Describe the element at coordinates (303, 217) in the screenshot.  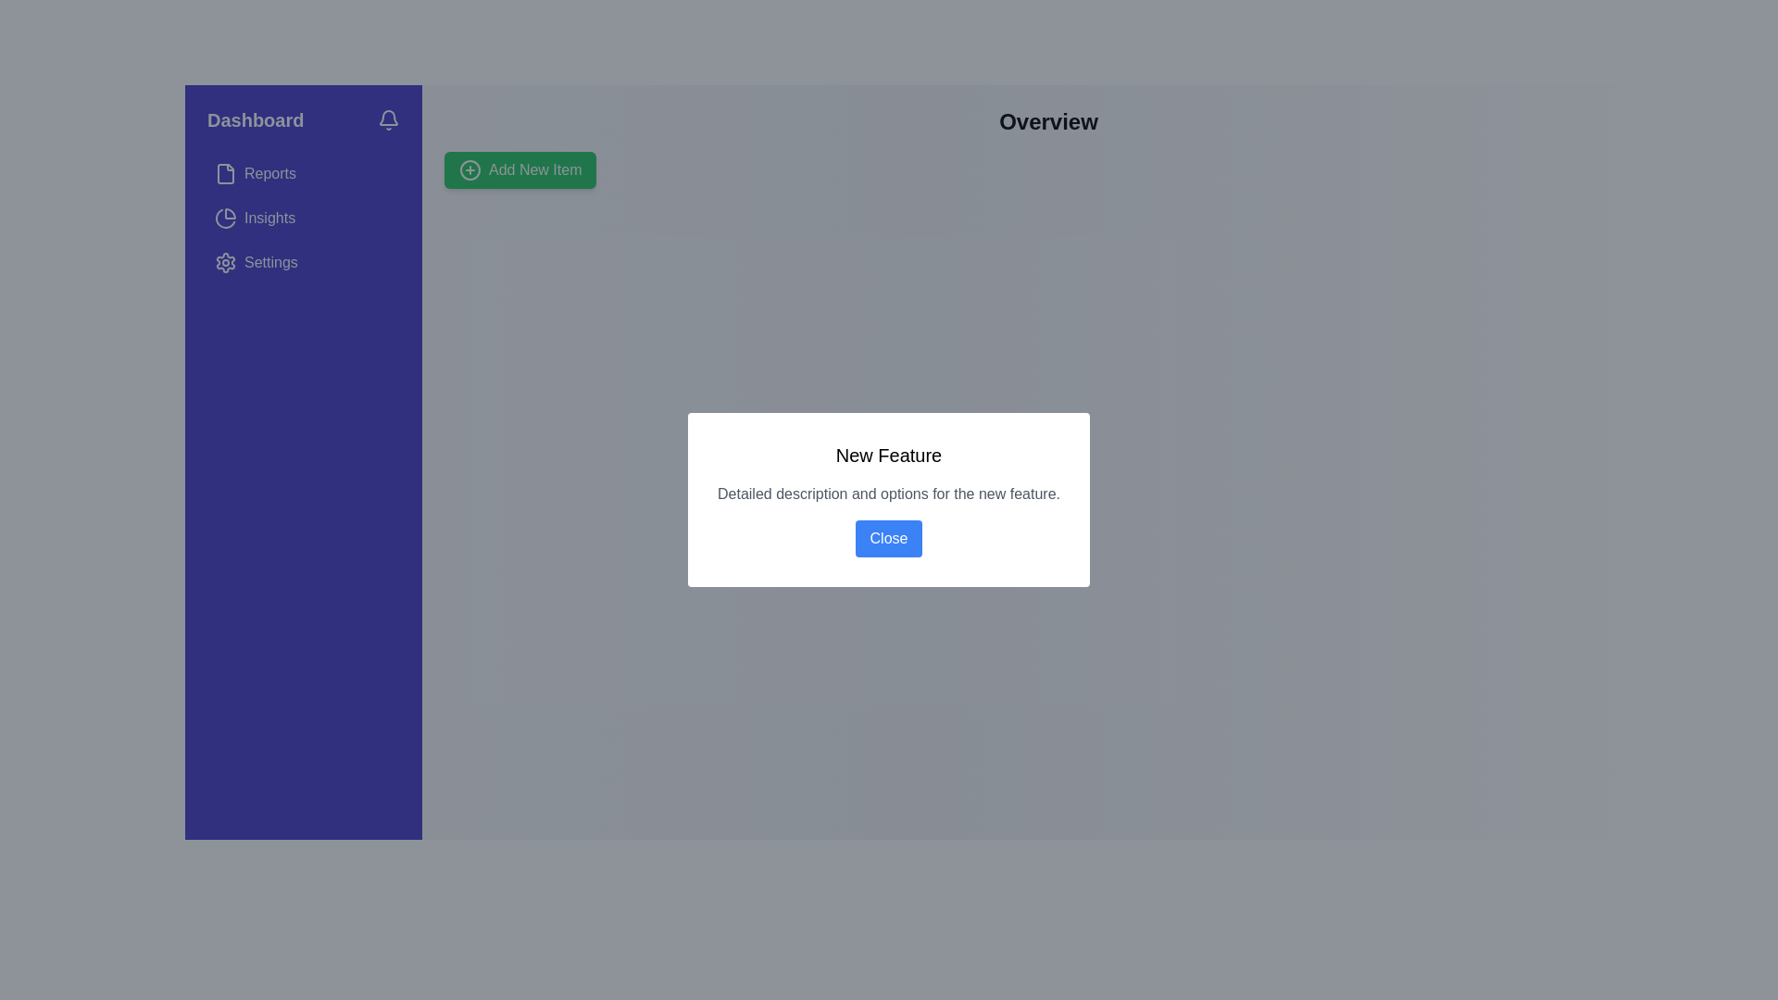
I see `the 'Insights' menu option in the left-hand navigation pane` at that location.